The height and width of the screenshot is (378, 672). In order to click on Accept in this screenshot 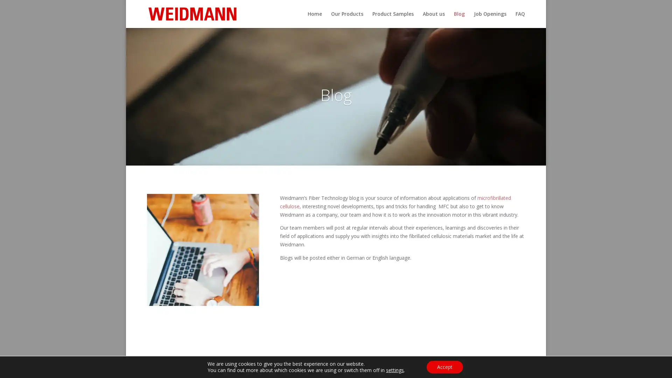, I will do `click(444, 367)`.